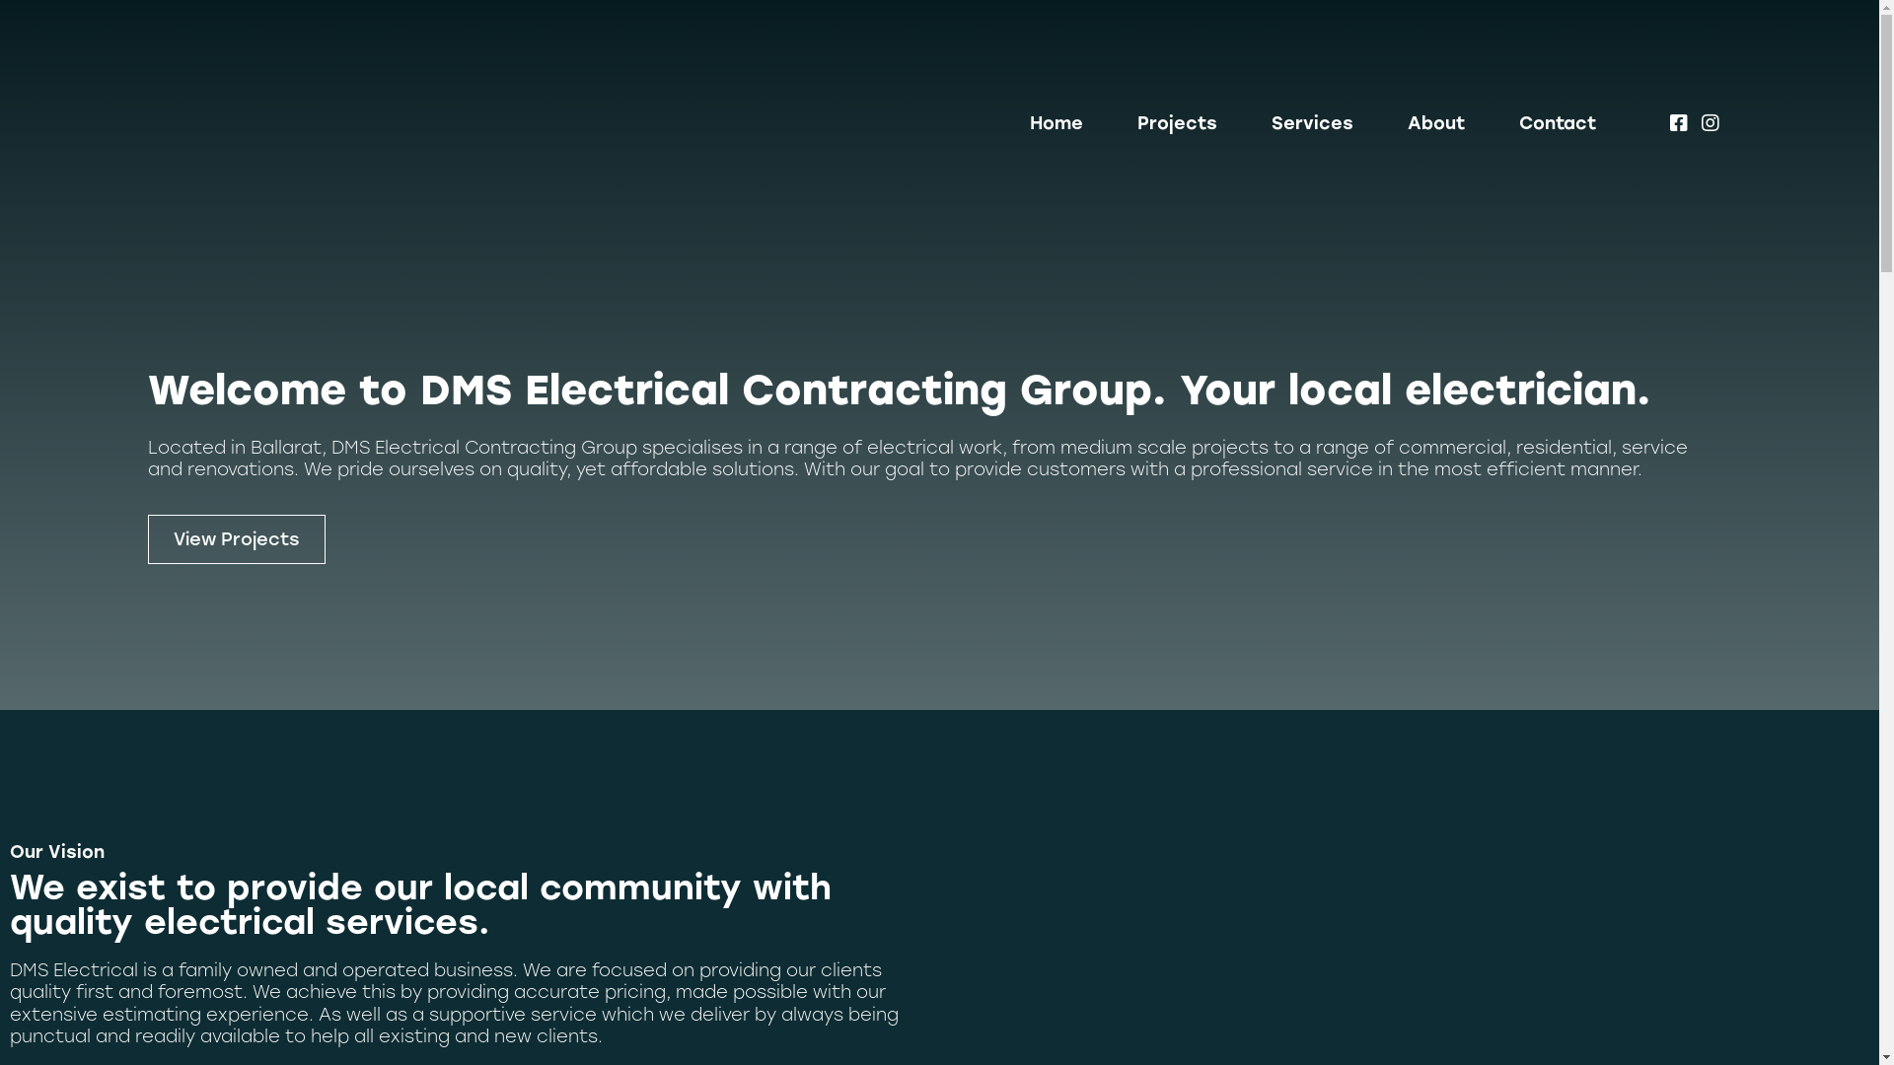  What do you see at coordinates (1055, 122) in the screenshot?
I see `'Home'` at bounding box center [1055, 122].